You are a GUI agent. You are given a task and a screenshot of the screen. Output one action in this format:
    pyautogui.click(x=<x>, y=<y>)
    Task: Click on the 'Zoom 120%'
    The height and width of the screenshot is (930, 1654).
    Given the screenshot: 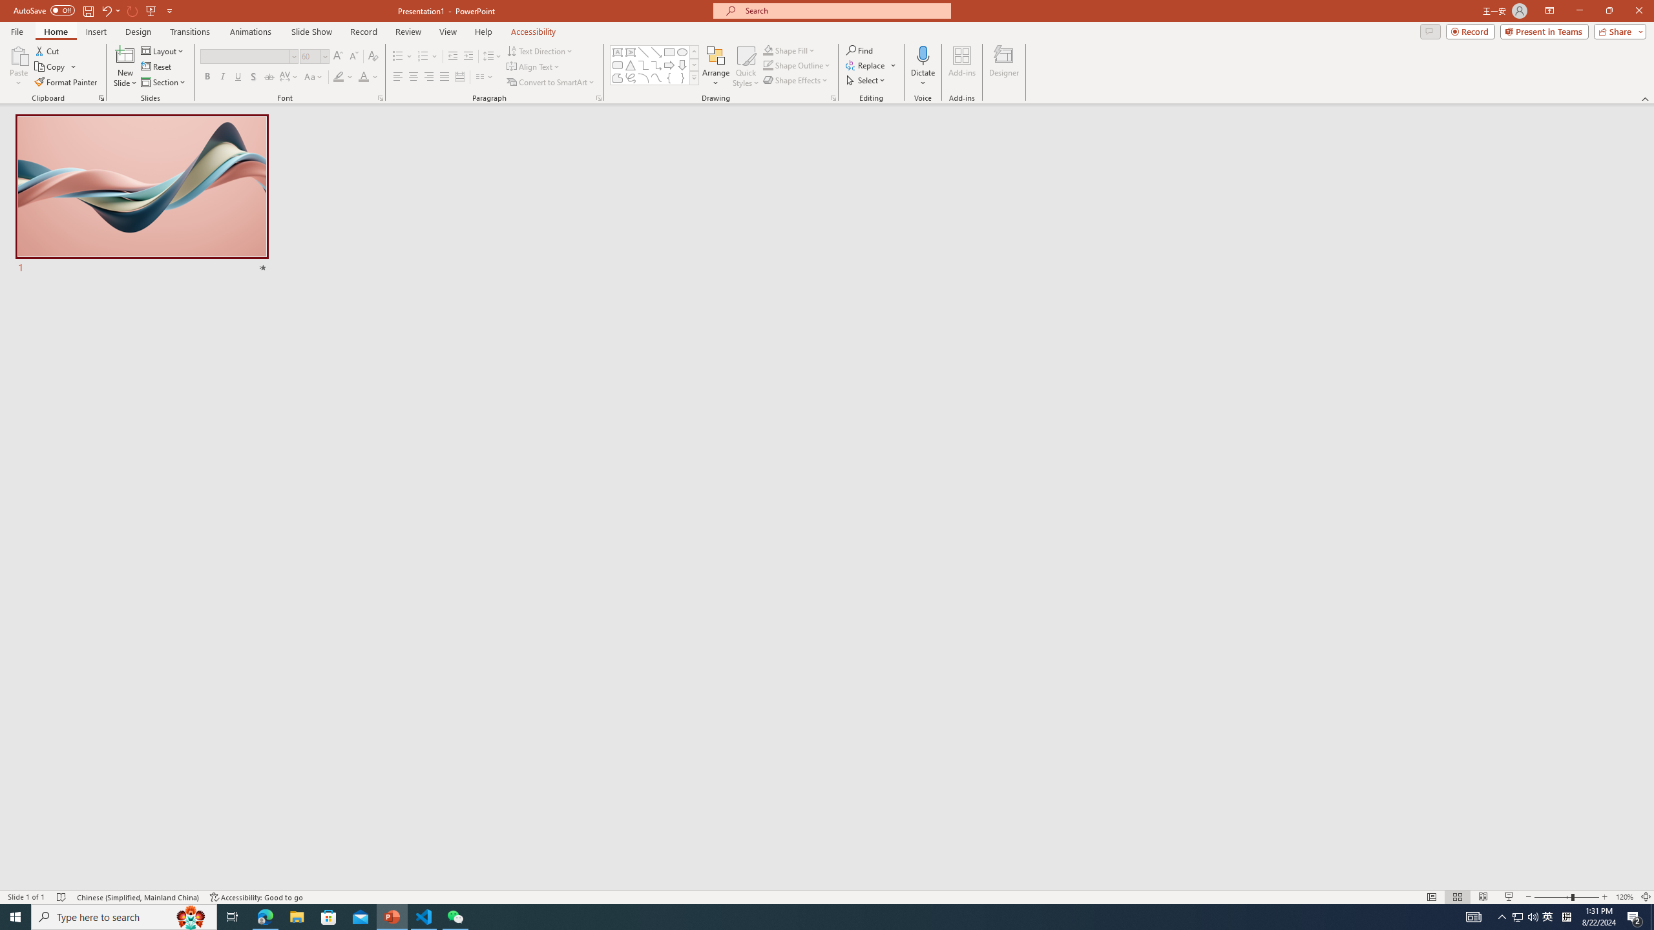 What is the action you would take?
    pyautogui.click(x=1625, y=897)
    